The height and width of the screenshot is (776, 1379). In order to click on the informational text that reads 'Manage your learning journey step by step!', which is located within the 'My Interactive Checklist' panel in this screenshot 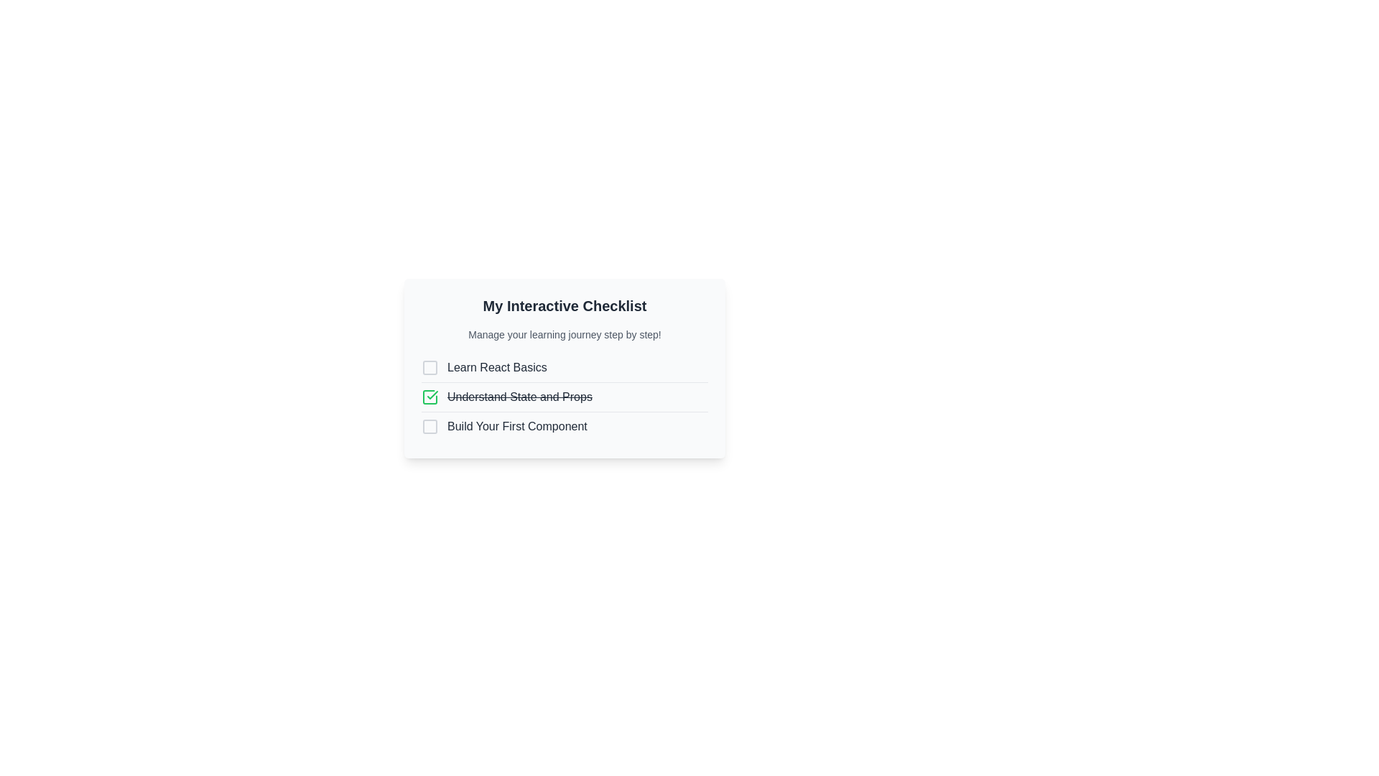, I will do `click(564, 335)`.